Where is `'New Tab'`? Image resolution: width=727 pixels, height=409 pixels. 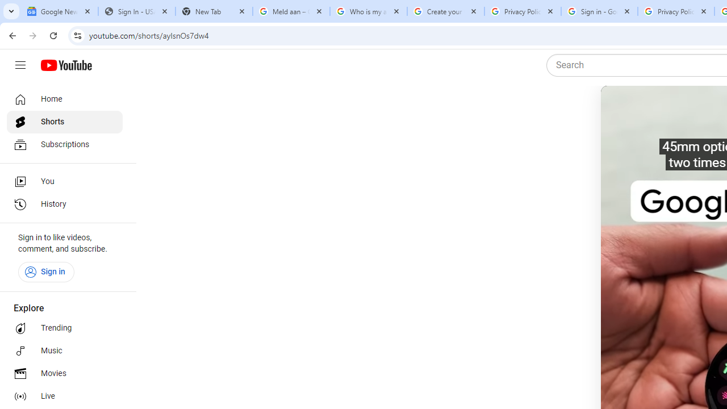
'New Tab' is located at coordinates (214, 11).